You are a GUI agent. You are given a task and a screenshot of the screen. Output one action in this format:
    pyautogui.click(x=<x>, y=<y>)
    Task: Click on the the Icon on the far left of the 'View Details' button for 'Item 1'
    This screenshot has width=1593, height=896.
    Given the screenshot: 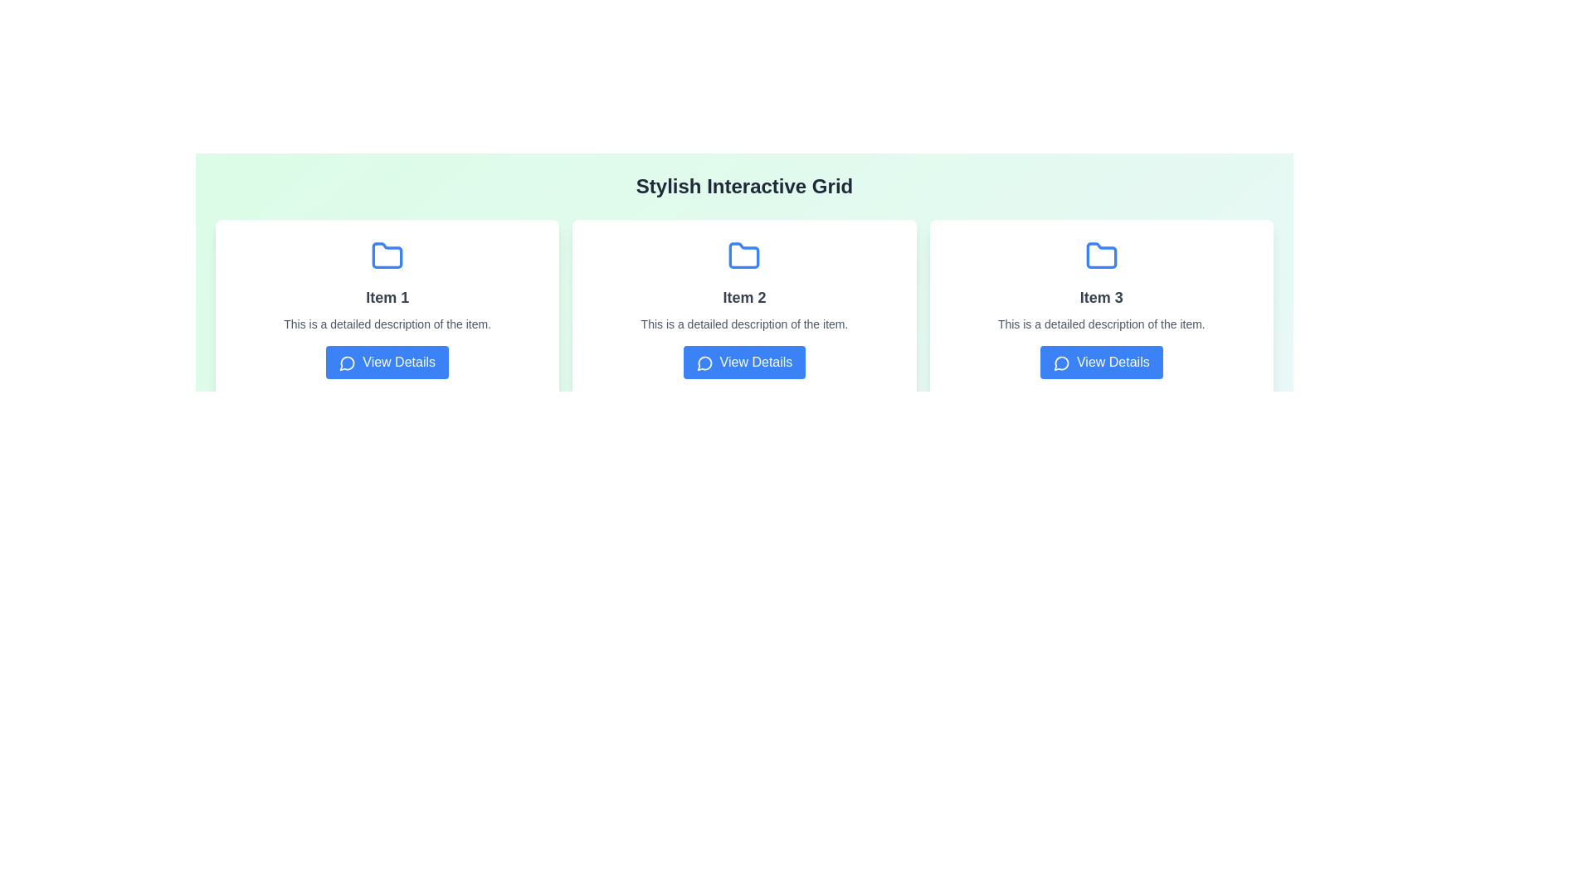 What is the action you would take?
    pyautogui.click(x=347, y=362)
    